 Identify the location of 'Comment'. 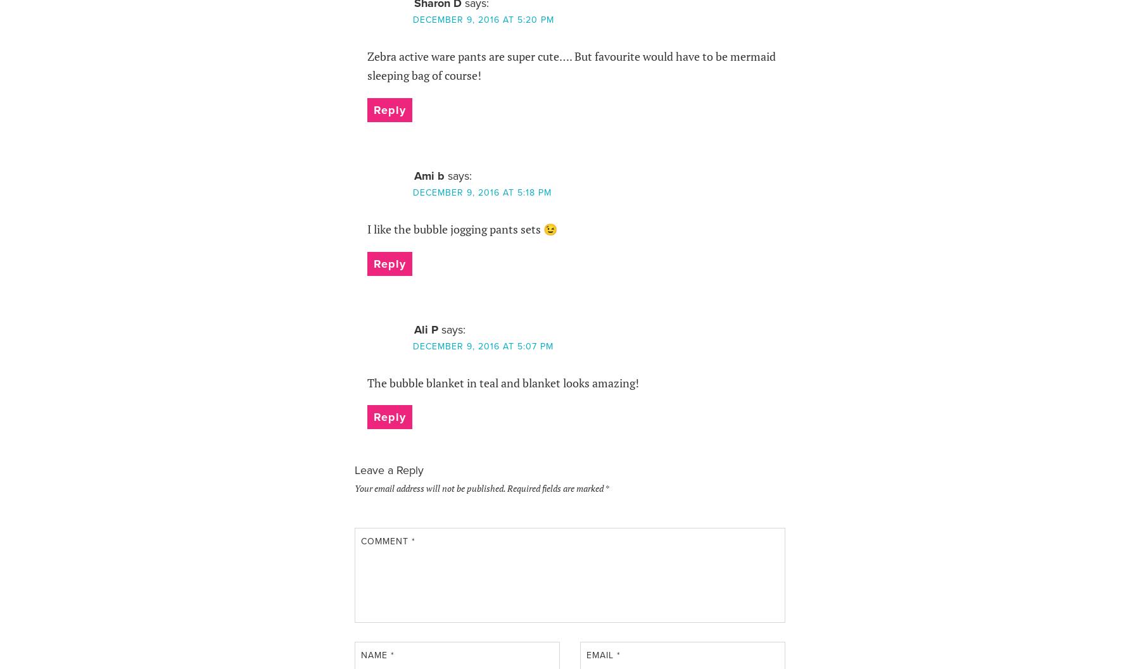
(385, 540).